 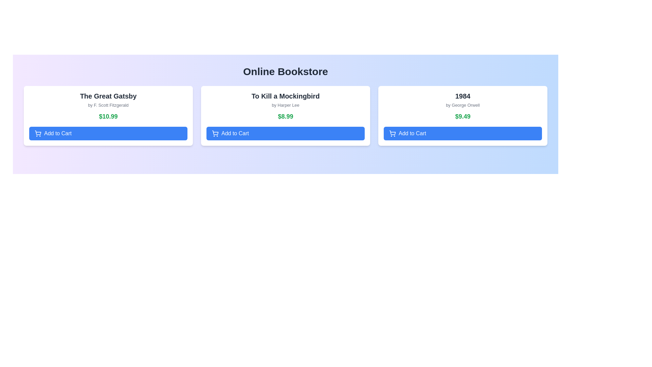 What do you see at coordinates (463, 105) in the screenshot?
I see `the static text label displaying the author's name 'by George Orwell', which is positioned below the title '1984' and above the price '$9.49'` at bounding box center [463, 105].